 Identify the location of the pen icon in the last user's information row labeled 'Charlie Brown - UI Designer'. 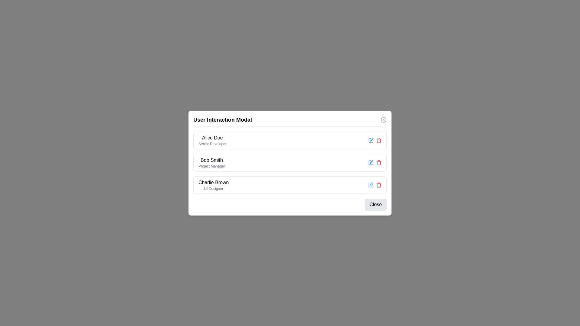
(371, 184).